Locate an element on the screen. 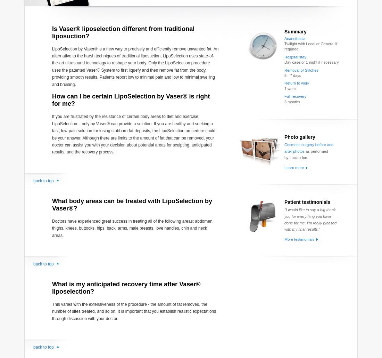 This screenshot has height=358, width=382. 'Doctors have experienced great success in treating all of the following areas: abdomen, thighs, knees, buttocks, hips, back, arms, male breasts, love handles, chin and neck areas.' is located at coordinates (52, 228).